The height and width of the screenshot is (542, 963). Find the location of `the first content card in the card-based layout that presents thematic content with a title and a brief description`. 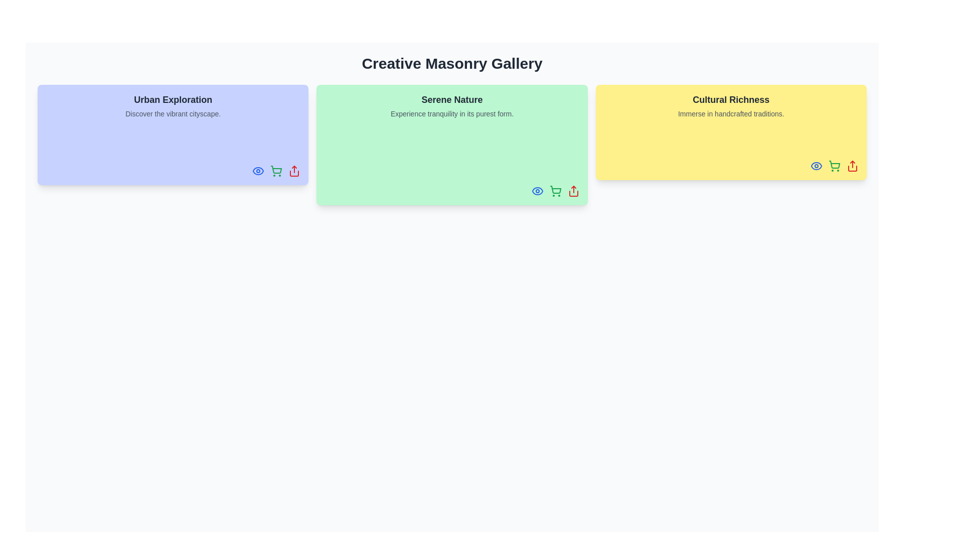

the first content card in the card-based layout that presents thematic content with a title and a brief description is located at coordinates (173, 106).